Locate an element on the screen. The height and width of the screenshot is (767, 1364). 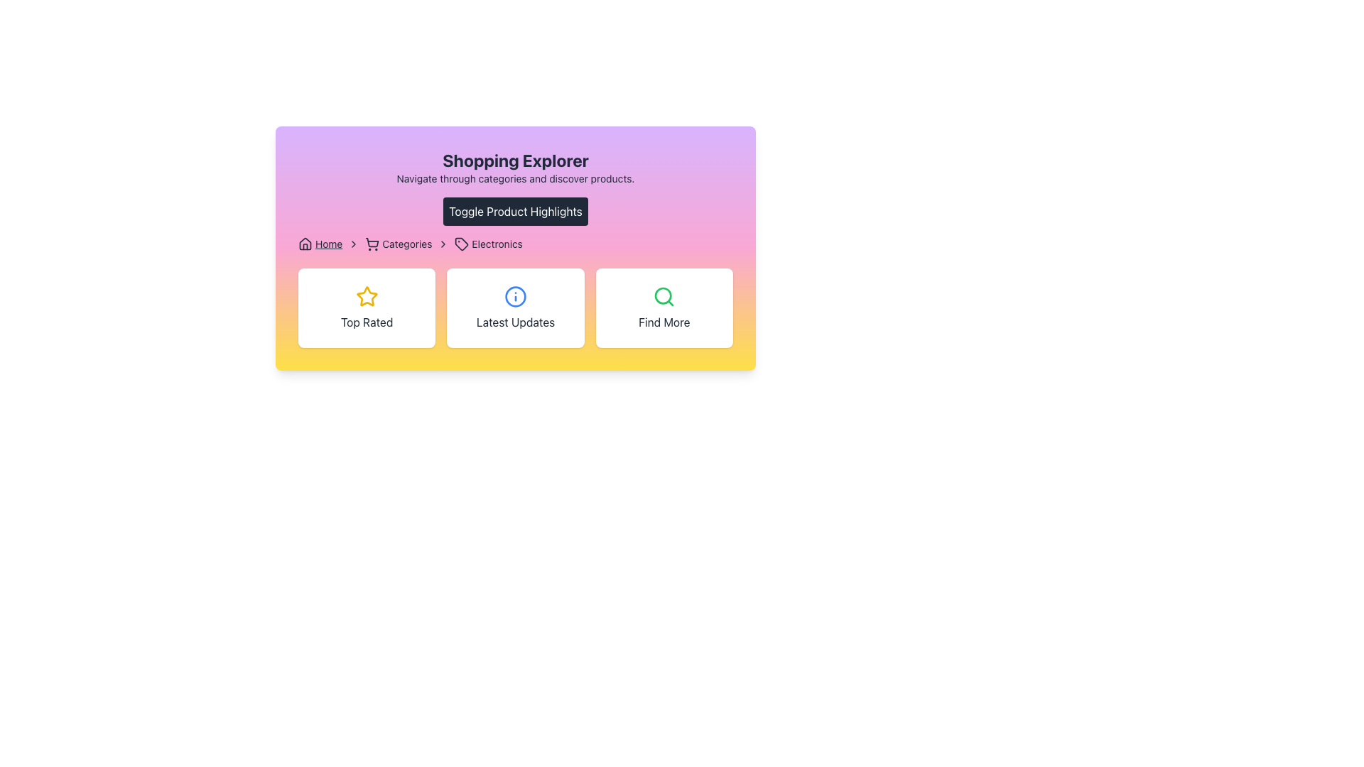
the breadcrumb text element indicating the current location in the shopping application, positioned between 'Home' and 'Electronics' is located at coordinates (398, 243).